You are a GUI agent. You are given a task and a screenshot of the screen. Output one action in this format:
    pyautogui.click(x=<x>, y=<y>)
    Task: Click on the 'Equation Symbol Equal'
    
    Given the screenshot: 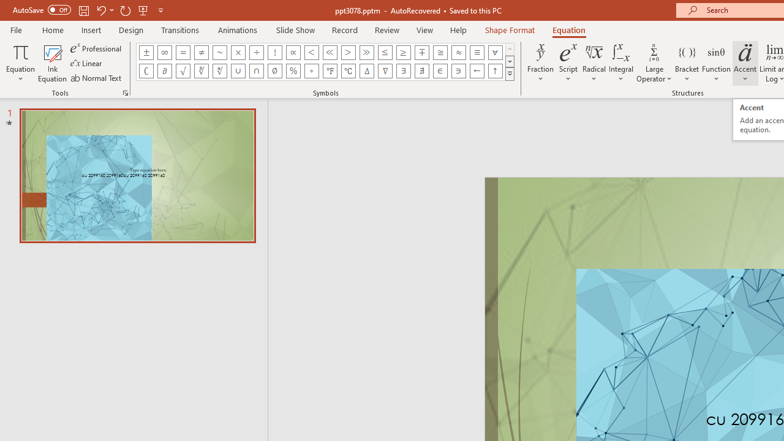 What is the action you would take?
    pyautogui.click(x=182, y=52)
    